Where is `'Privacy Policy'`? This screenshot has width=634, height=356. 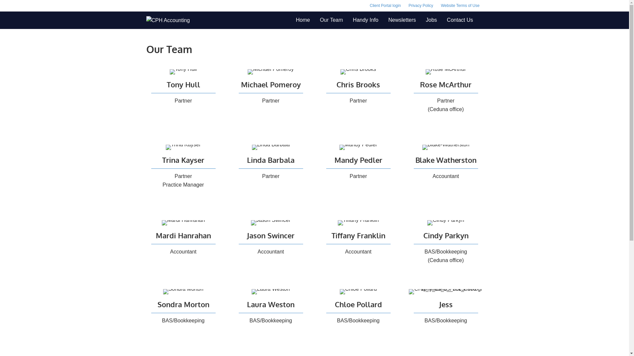 'Privacy Policy' is located at coordinates (405, 5).